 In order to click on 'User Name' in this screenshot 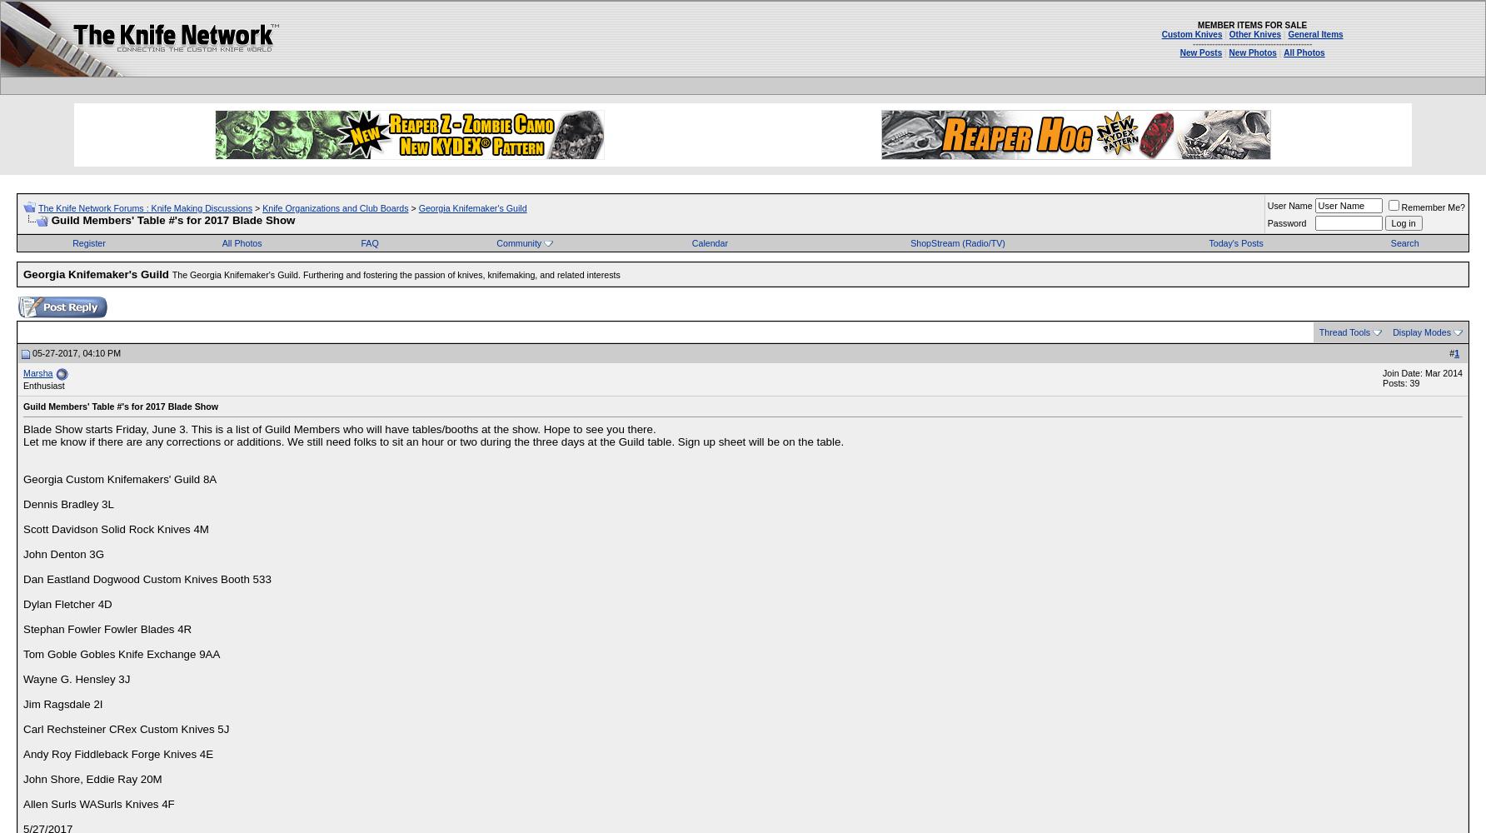, I will do `click(1288, 204)`.